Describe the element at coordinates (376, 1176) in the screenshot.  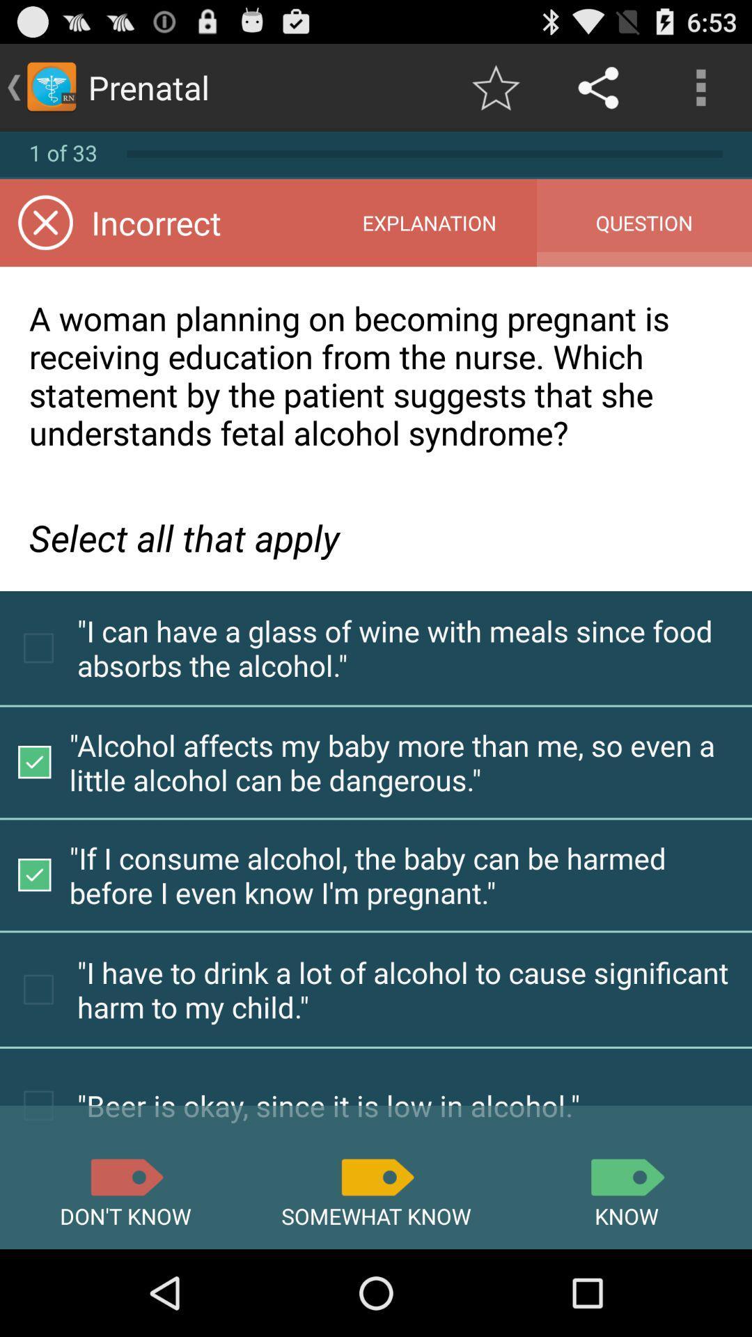
I see `somewhat know` at that location.